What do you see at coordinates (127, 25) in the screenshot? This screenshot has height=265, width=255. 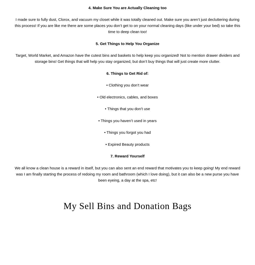 I see `'I made sure to fully dust, Clorox, and vacuum my closet while it was totally cleaned out. Make sure you aren’t just decluttering during this process! If you are like me there are some places you don’t get to on your normal cleaning days (like under your bed) so take this time to deep clean too!'` at bounding box center [127, 25].